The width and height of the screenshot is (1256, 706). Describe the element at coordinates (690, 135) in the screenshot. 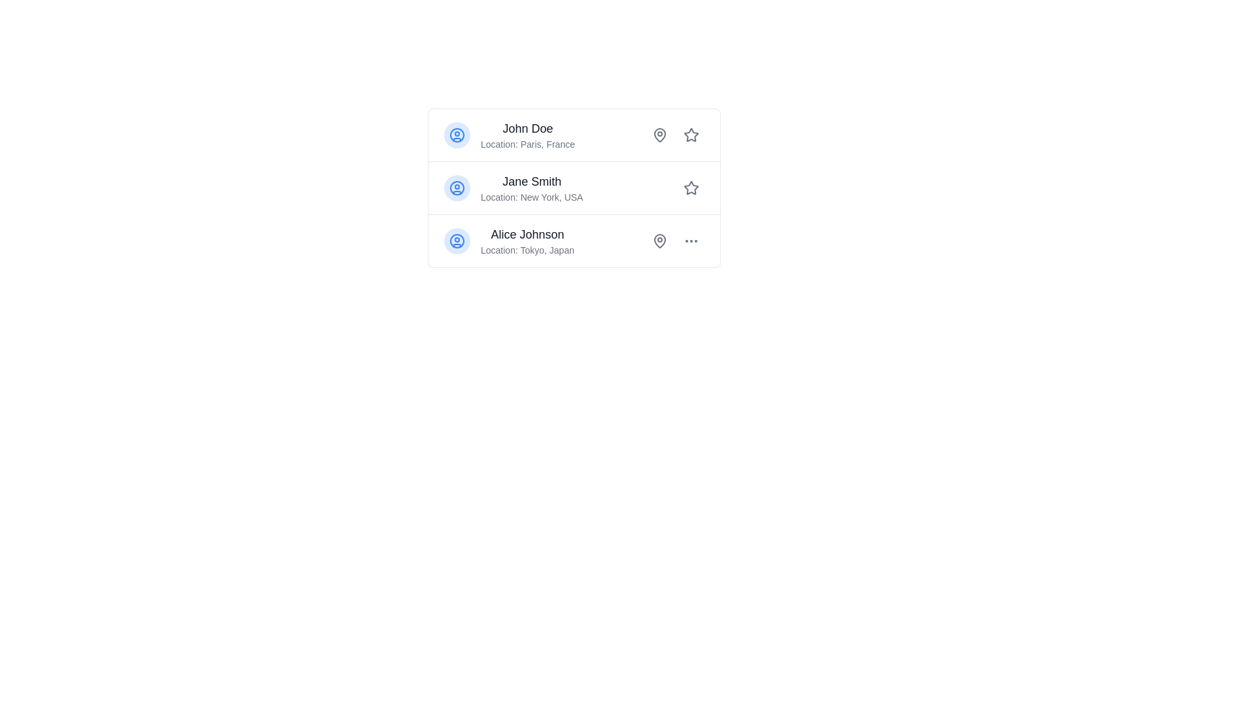

I see `the star icon button adjacent to the location pin icon` at that location.